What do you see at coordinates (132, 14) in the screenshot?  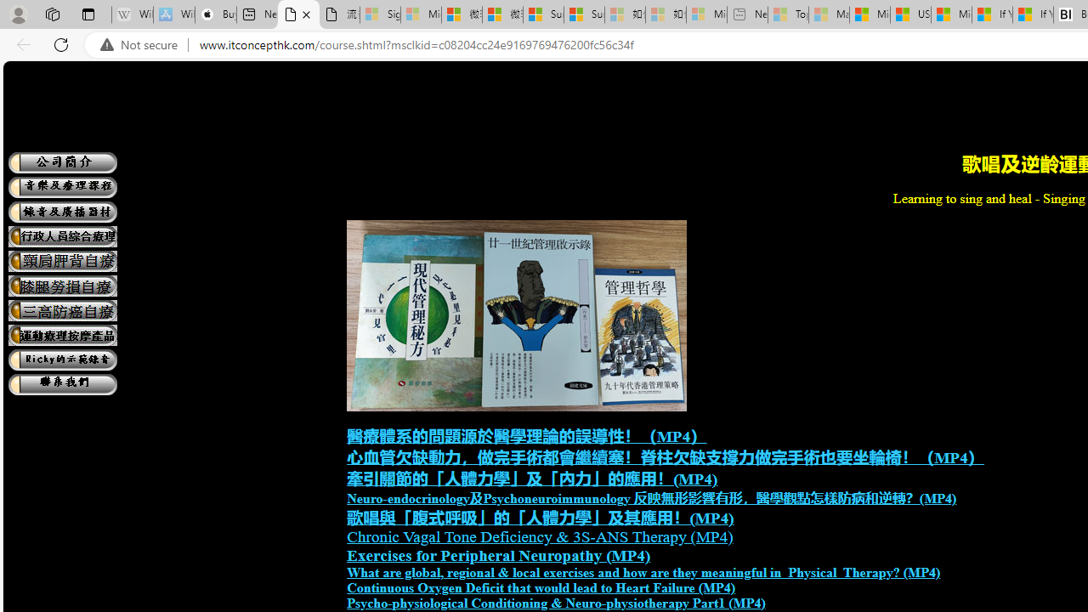 I see `'Wikipedia - Sleeping'` at bounding box center [132, 14].